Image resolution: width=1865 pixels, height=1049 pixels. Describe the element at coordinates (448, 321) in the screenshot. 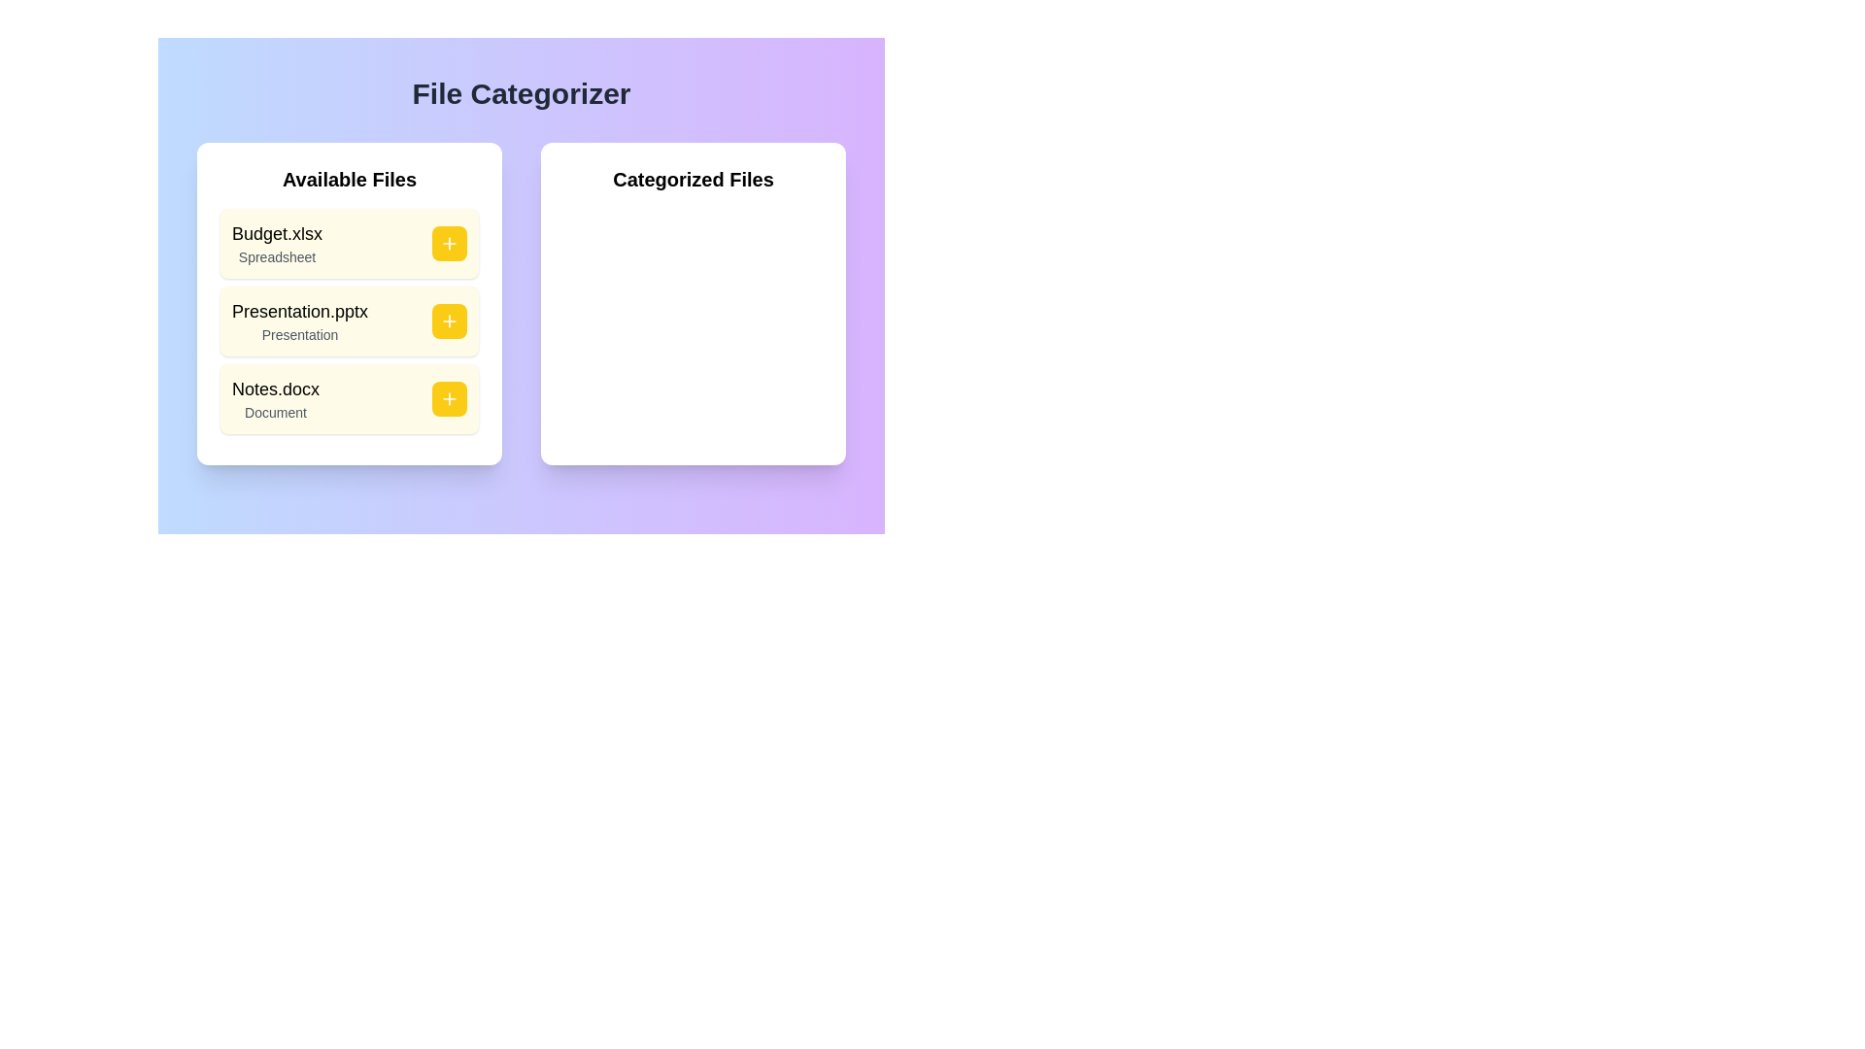

I see `the 'add' button located to the far right of 'Presentation.pptx' in the 'Available Files' section` at that location.